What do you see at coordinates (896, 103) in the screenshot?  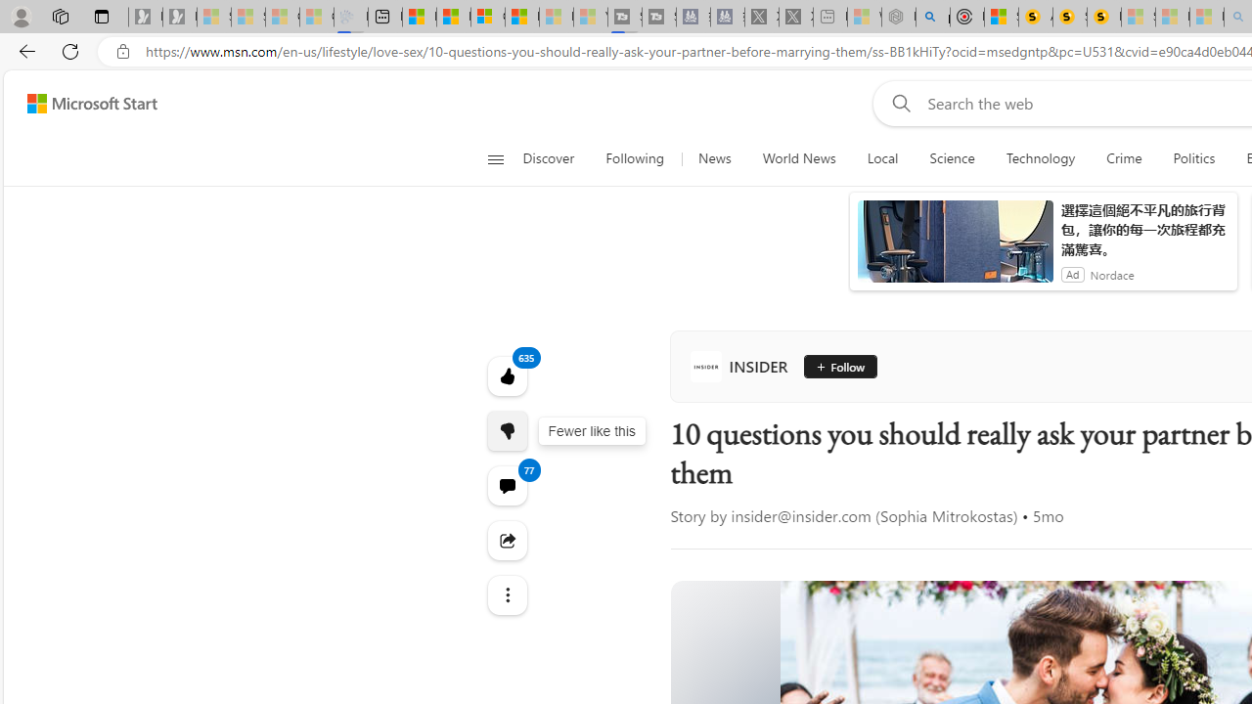 I see `'Web search'` at bounding box center [896, 103].